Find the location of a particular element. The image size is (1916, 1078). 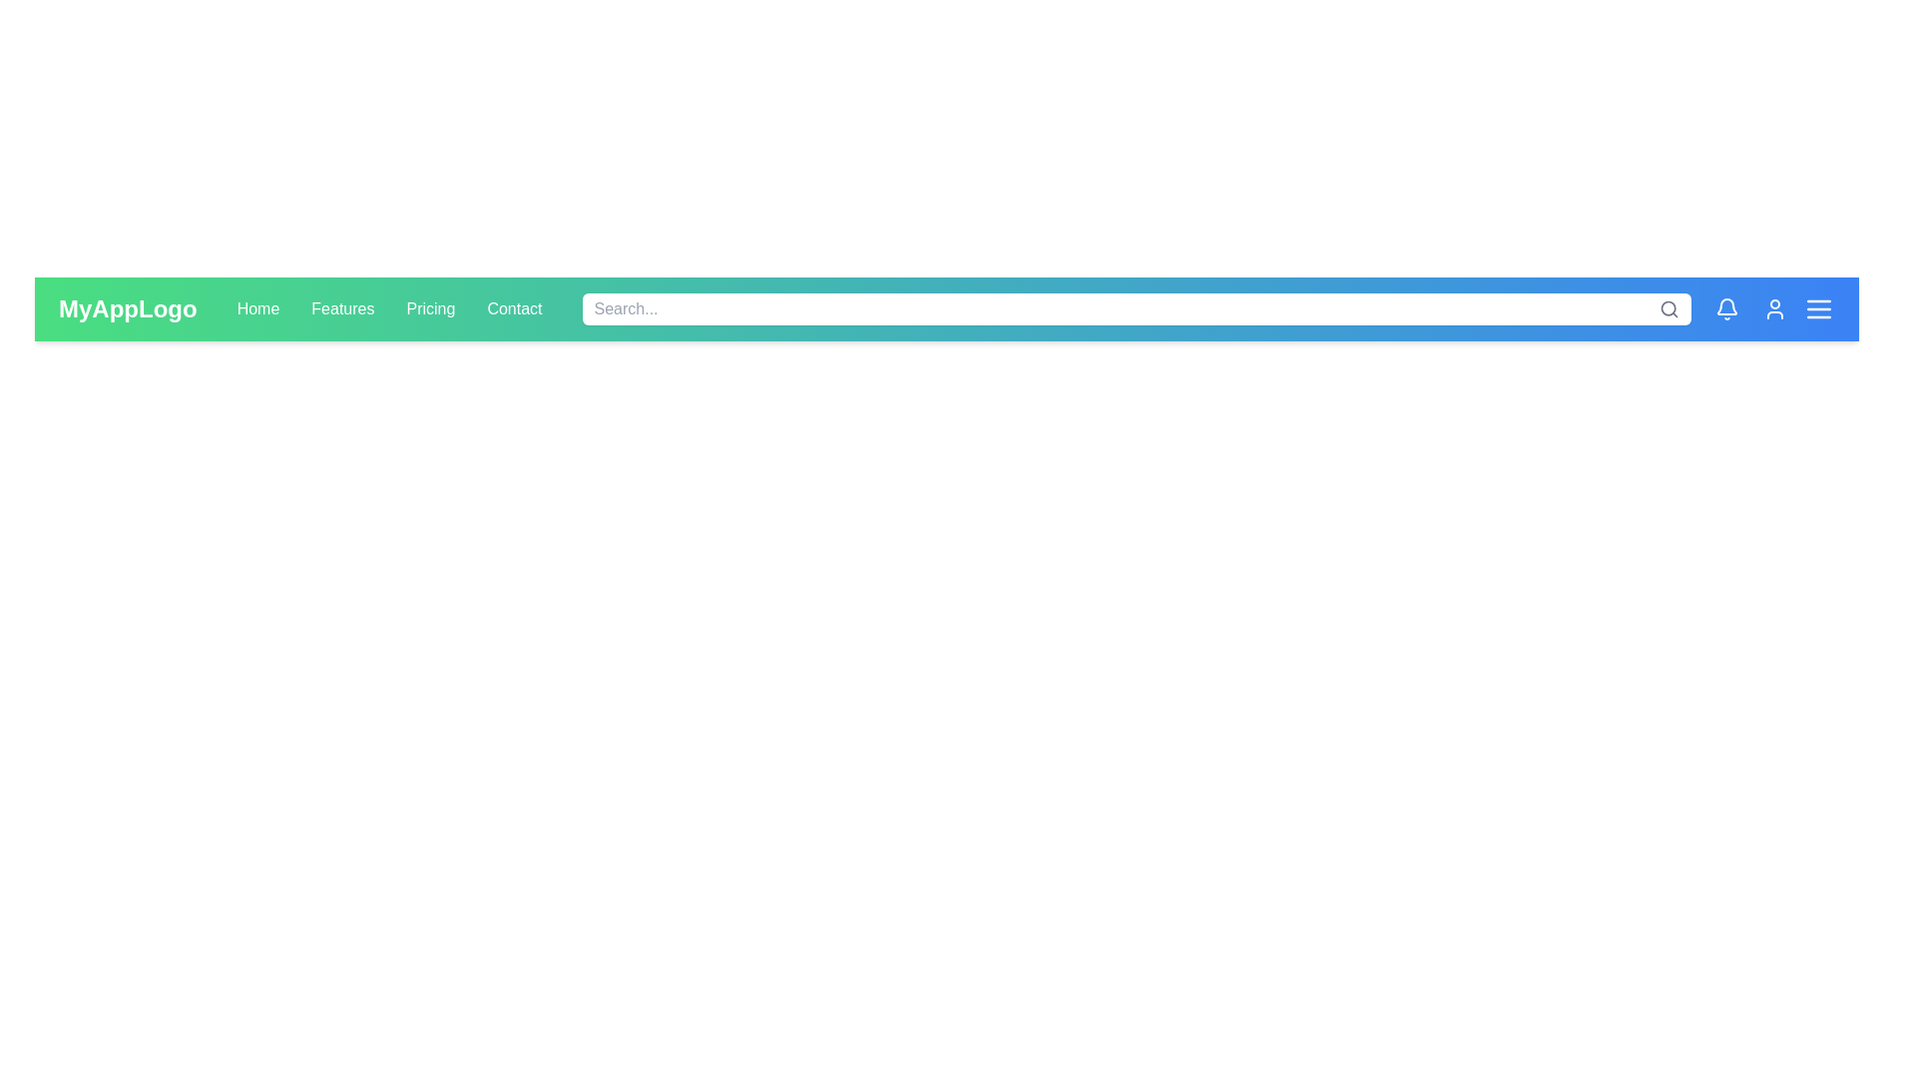

the 'Features' hyperlink element in the navigation bar, which is styled with white text on a green background and underlines on hover is located at coordinates (342, 308).